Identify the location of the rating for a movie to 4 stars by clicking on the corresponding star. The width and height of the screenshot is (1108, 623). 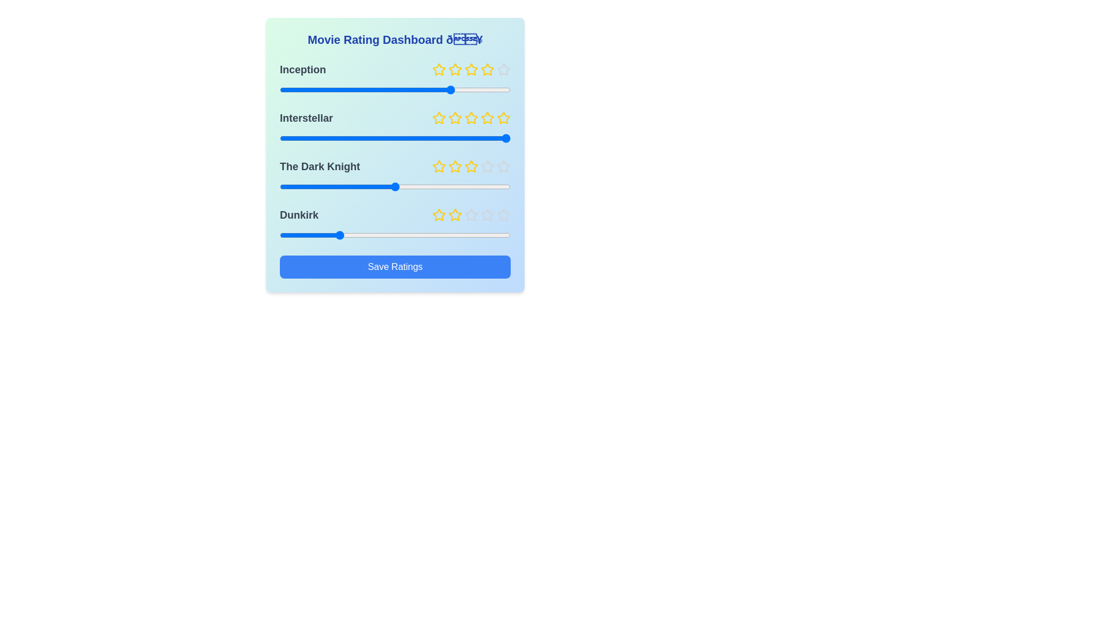
(487, 69).